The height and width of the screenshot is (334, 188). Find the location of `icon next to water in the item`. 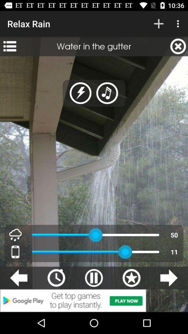

icon next to water in the item is located at coordinates (178, 46).